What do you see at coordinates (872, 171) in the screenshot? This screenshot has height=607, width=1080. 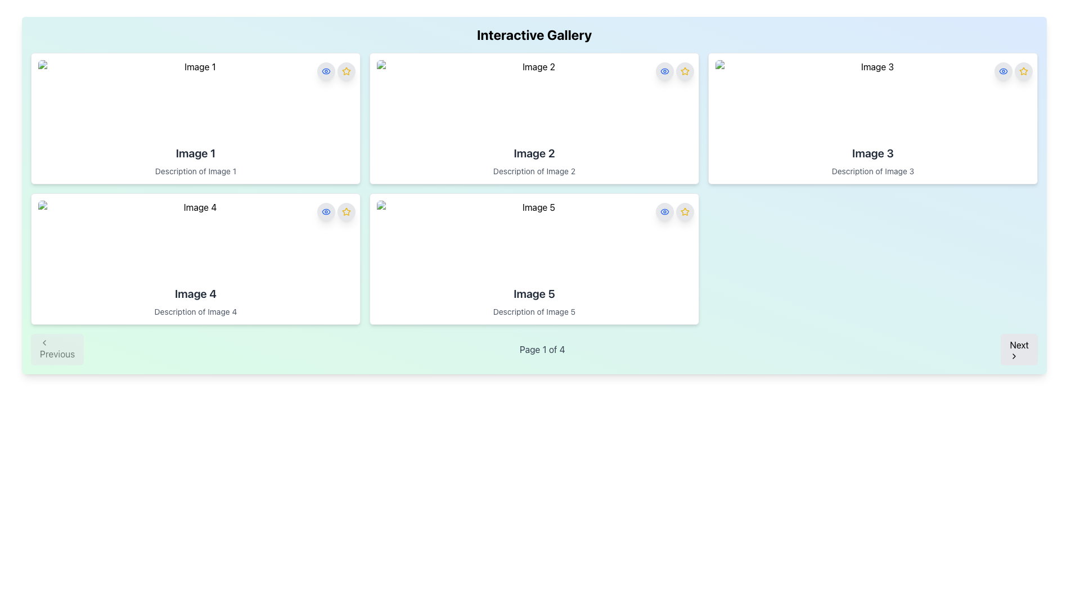 I see `the static text label displaying 'Description of Image 3' in a small, gray-colored font, located directly below the 'Image 3' title in the rightmost column of the gallery` at bounding box center [872, 171].